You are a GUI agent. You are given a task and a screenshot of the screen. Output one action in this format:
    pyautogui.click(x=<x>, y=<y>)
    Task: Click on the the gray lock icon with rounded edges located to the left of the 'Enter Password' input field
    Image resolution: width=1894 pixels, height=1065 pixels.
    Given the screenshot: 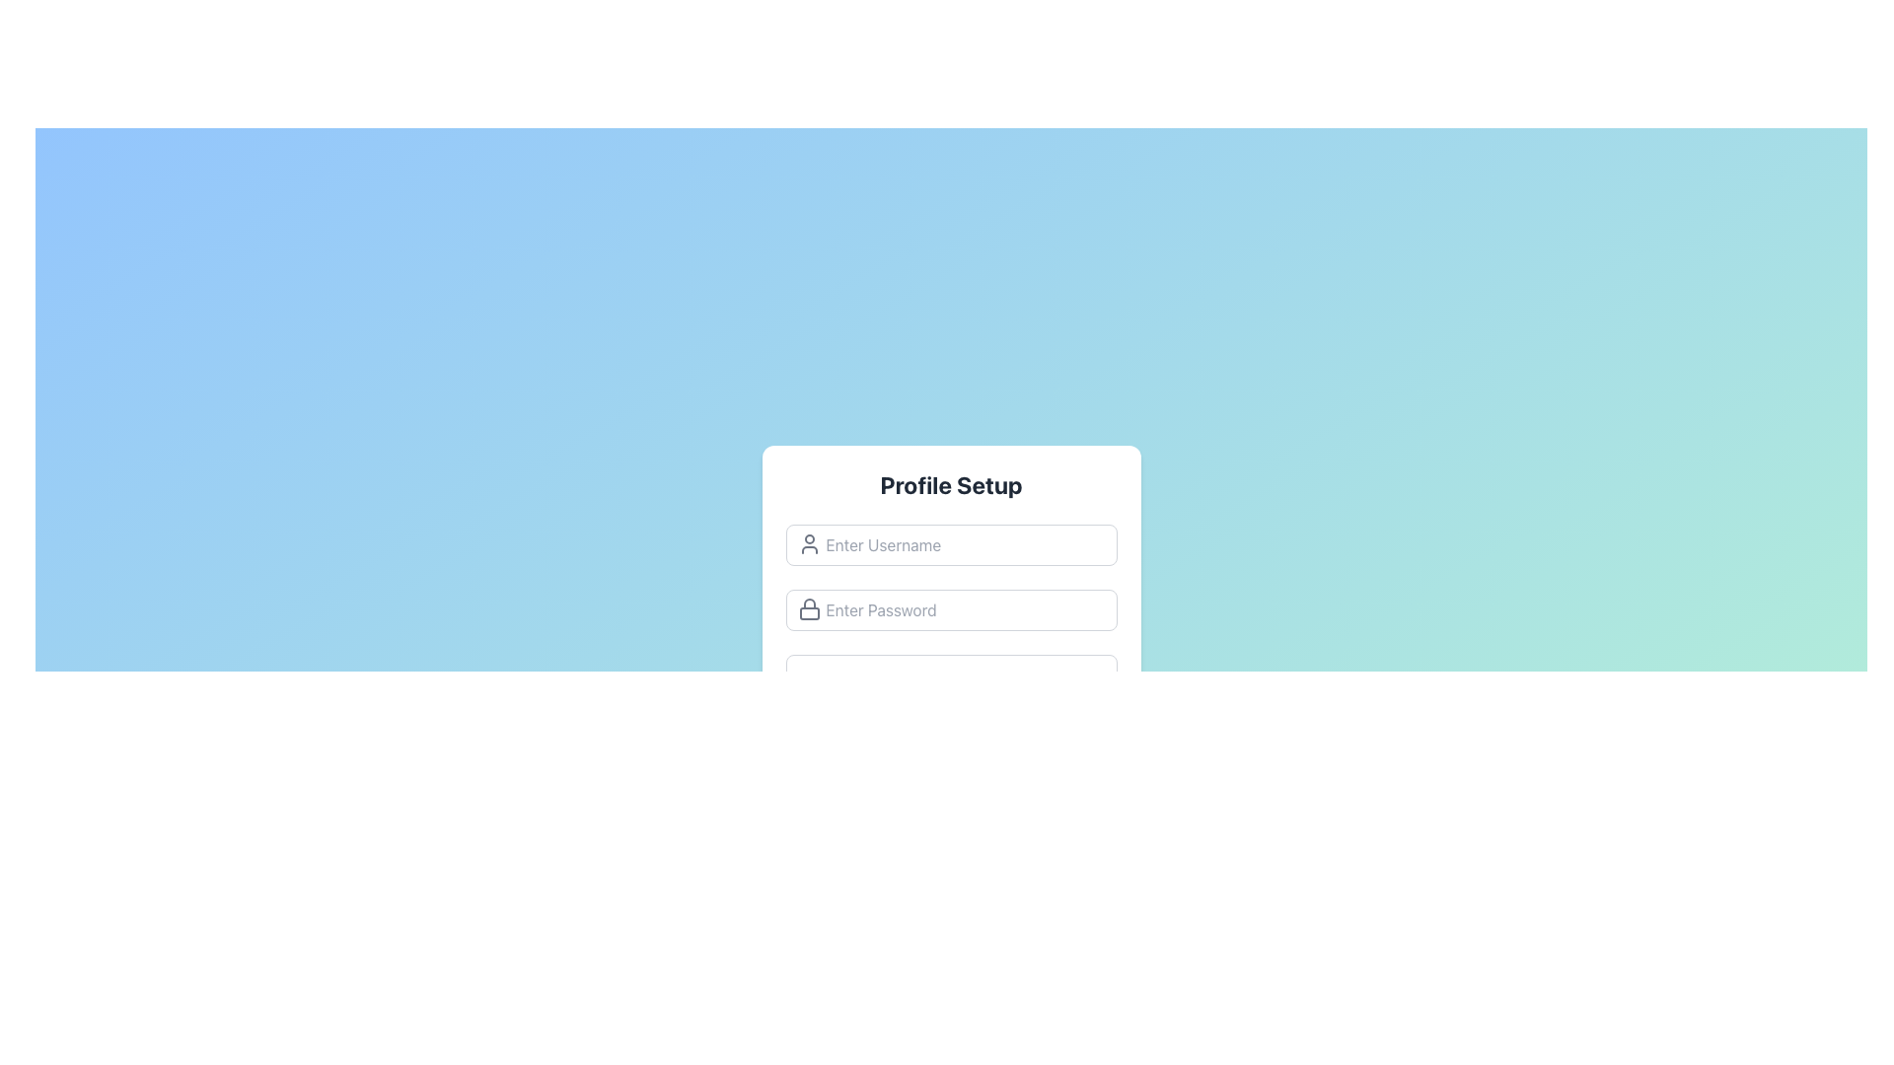 What is the action you would take?
    pyautogui.click(x=809, y=607)
    